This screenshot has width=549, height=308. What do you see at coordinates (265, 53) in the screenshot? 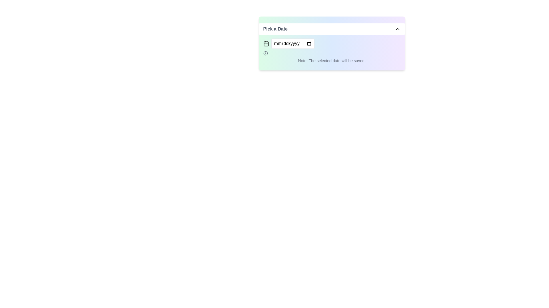
I see `the gray circular info icon located under the date input field, to the left of the note text that reads 'Note: The selected date will be saved.'` at bounding box center [265, 53].